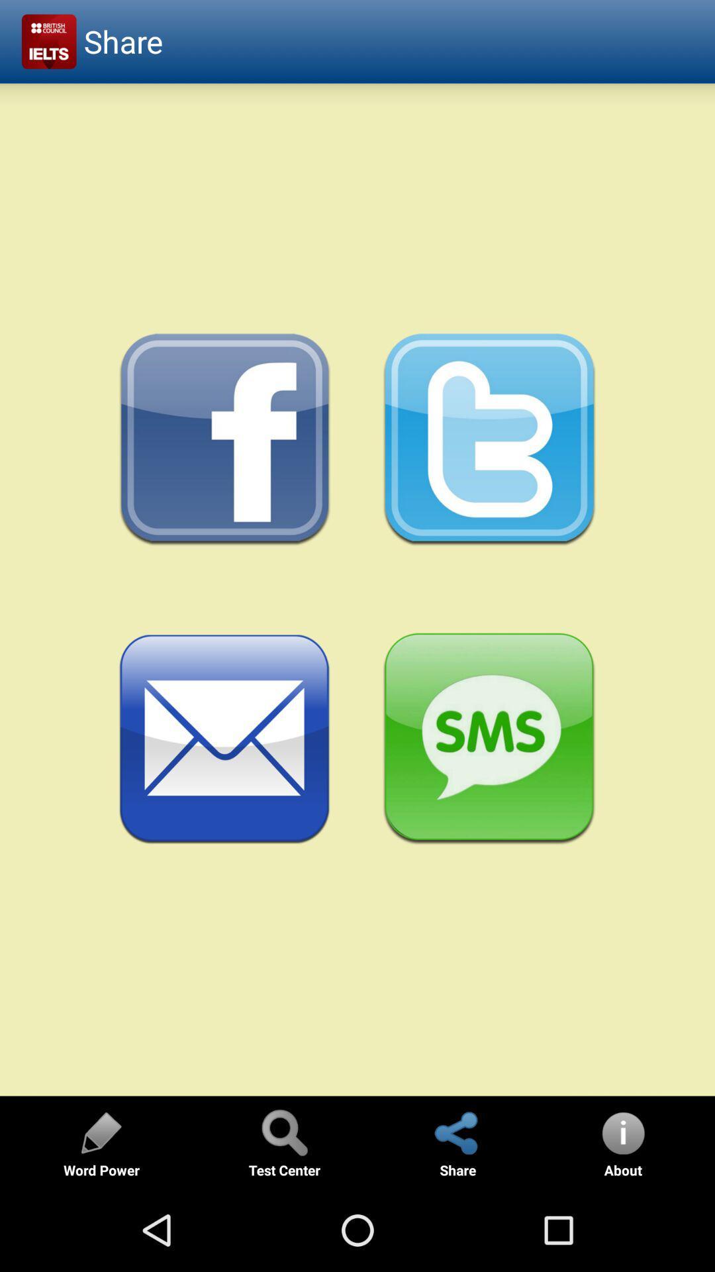 The height and width of the screenshot is (1272, 715). Describe the element at coordinates (224, 440) in the screenshot. I see `facebook share` at that location.